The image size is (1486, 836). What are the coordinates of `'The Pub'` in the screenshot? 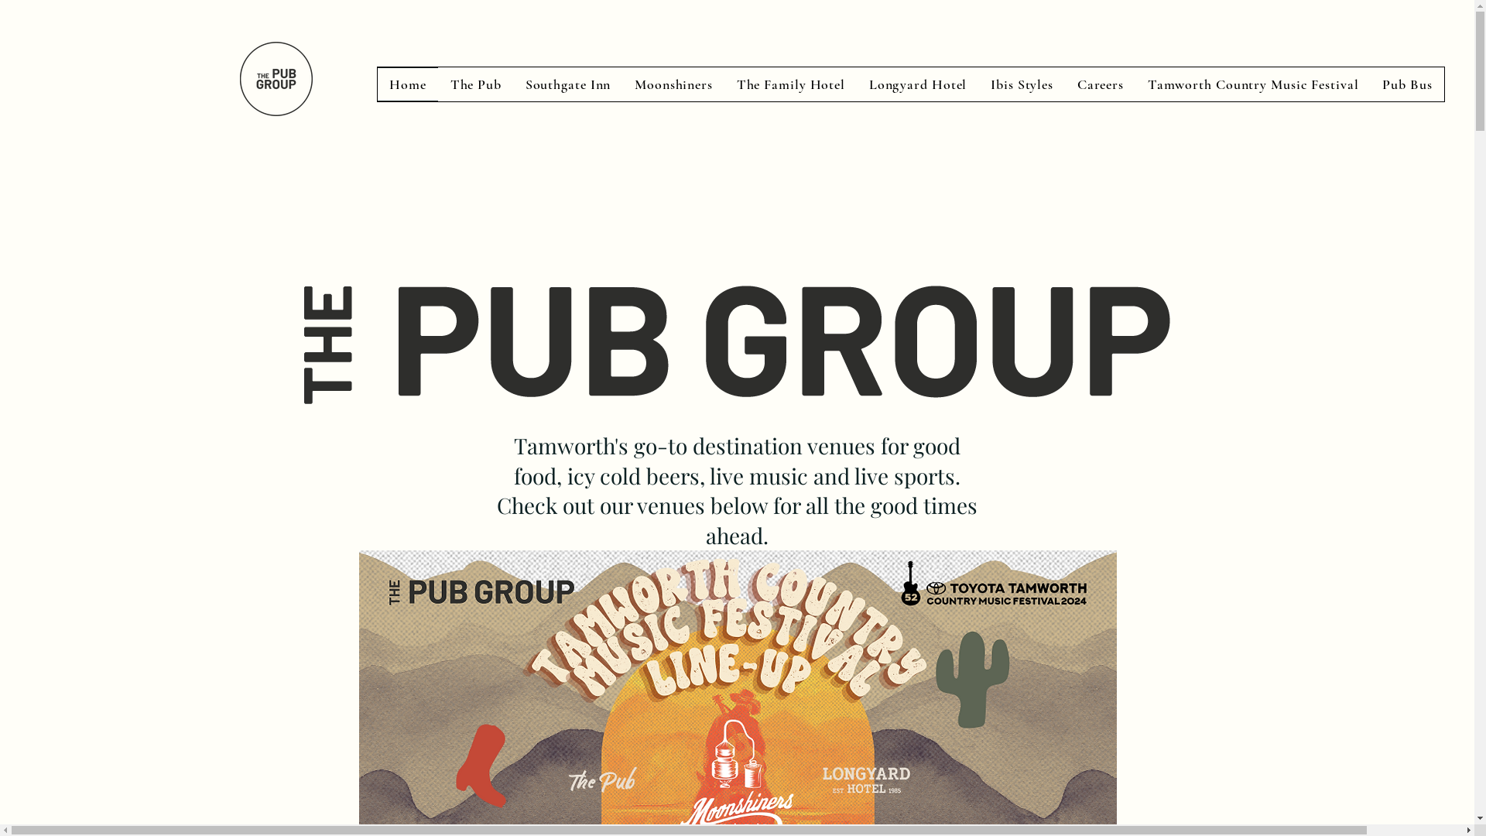 It's located at (474, 84).